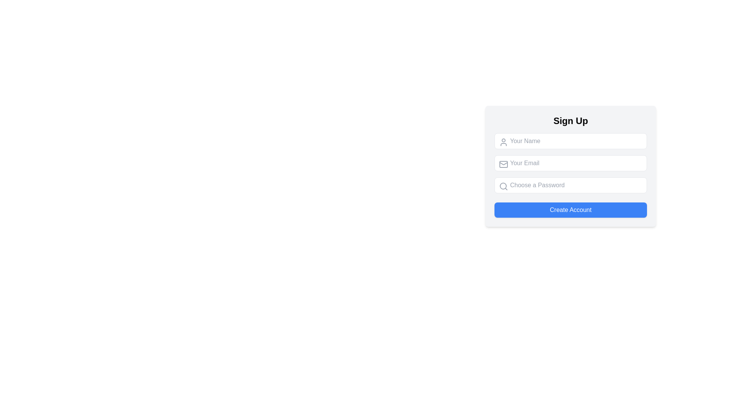 Image resolution: width=732 pixels, height=411 pixels. What do you see at coordinates (571, 141) in the screenshot?
I see `the first input field for entering the user's name in the 'Sign Up' form to focus it` at bounding box center [571, 141].